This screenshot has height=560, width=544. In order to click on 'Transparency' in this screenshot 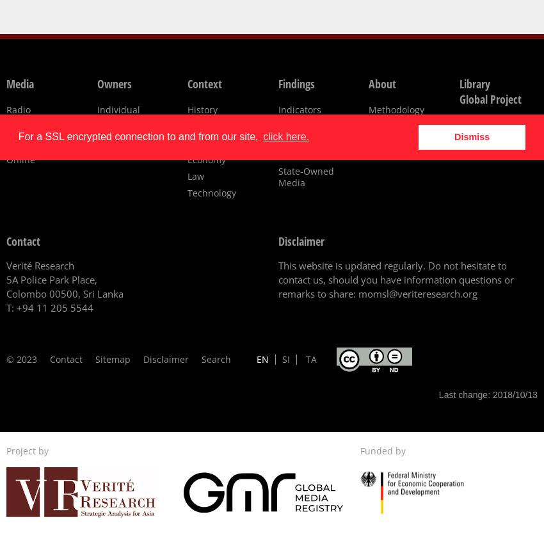, I will do `click(277, 126)`.